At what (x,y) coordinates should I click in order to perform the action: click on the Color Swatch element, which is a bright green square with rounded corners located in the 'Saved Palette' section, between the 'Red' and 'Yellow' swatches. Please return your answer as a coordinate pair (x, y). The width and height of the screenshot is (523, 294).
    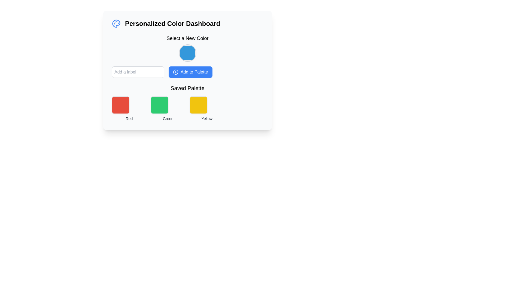
    Looking at the image, I should click on (159, 105).